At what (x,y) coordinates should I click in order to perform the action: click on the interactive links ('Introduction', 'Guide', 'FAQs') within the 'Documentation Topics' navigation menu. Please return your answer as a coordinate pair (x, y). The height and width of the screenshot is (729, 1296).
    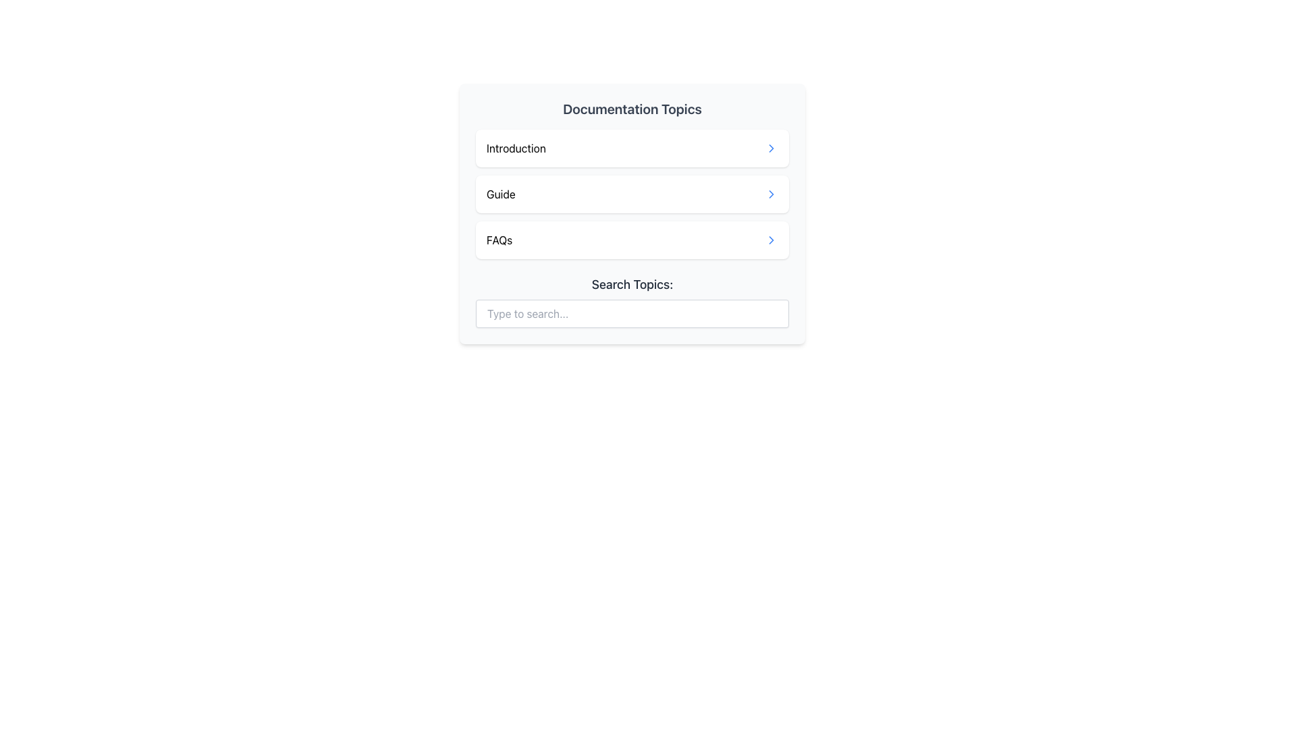
    Looking at the image, I should click on (631, 213).